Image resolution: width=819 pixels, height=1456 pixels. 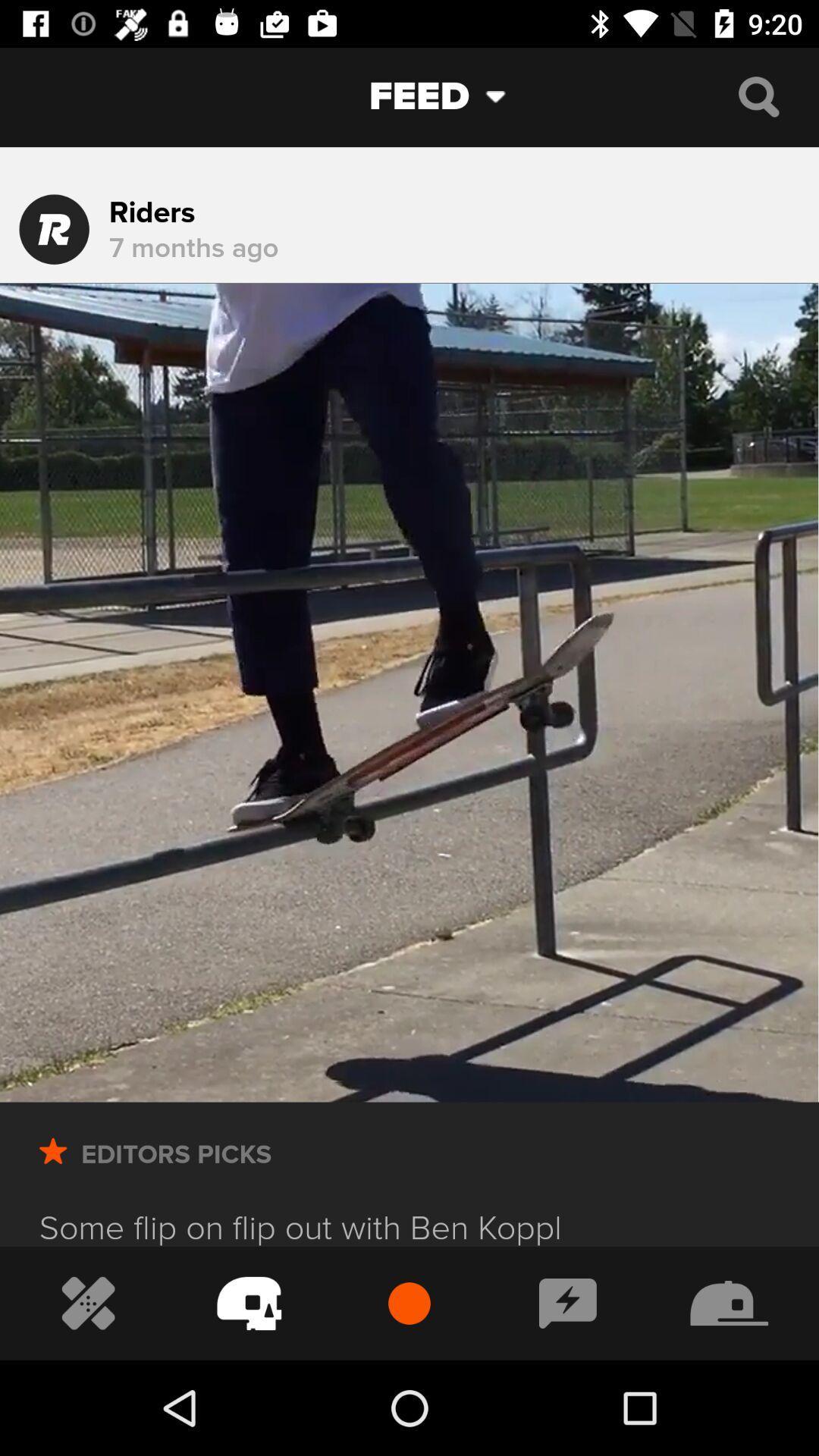 What do you see at coordinates (758, 96) in the screenshot?
I see `the search icon` at bounding box center [758, 96].